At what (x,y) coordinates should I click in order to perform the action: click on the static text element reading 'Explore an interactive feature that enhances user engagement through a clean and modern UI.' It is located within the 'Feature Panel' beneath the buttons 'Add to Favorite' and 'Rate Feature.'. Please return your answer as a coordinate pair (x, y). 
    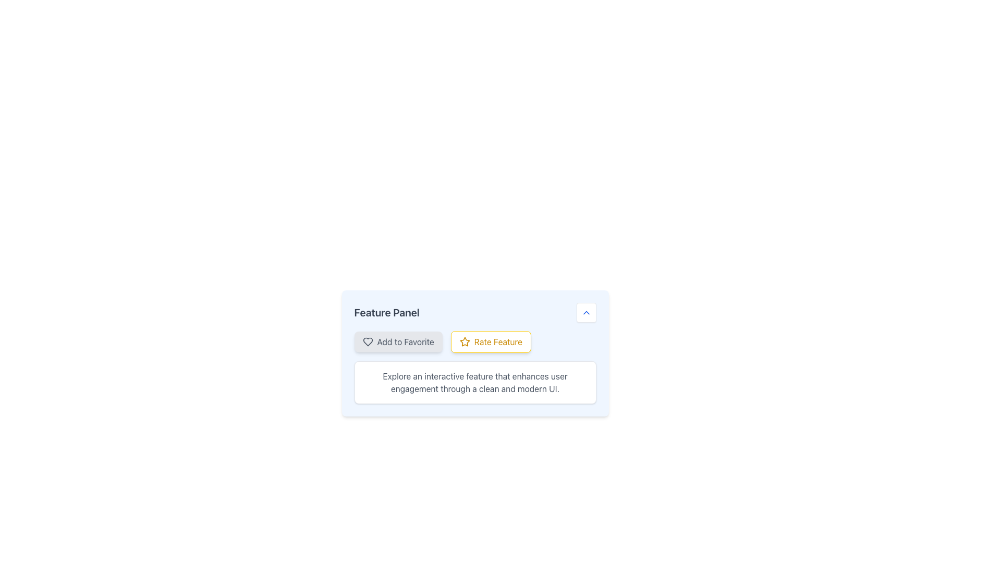
    Looking at the image, I should click on (474, 382).